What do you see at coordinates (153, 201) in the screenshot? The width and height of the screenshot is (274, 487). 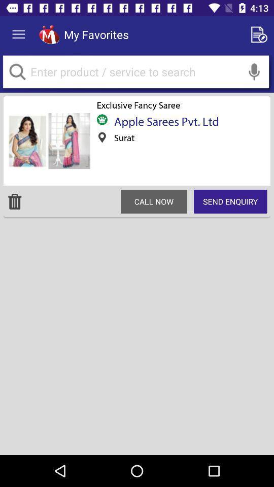 I see `call now at the center` at bounding box center [153, 201].